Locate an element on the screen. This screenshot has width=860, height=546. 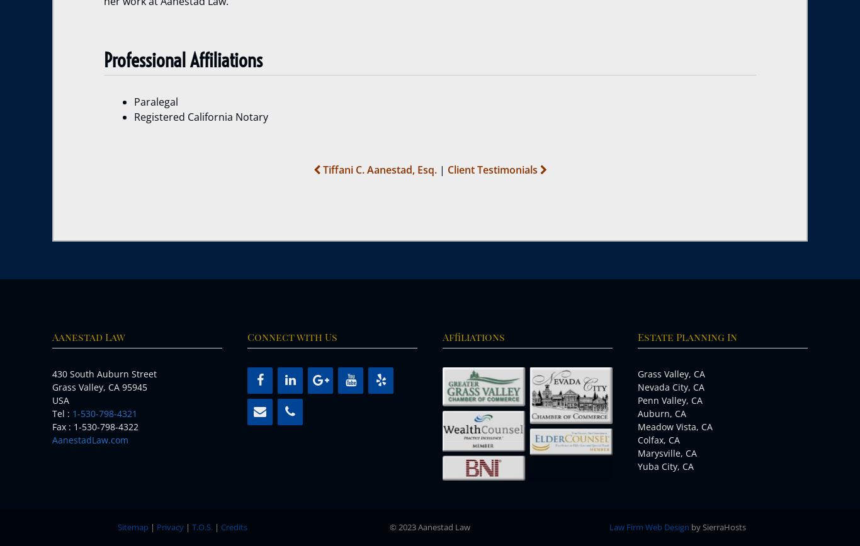
'1-530-798-4321' is located at coordinates (104, 413).